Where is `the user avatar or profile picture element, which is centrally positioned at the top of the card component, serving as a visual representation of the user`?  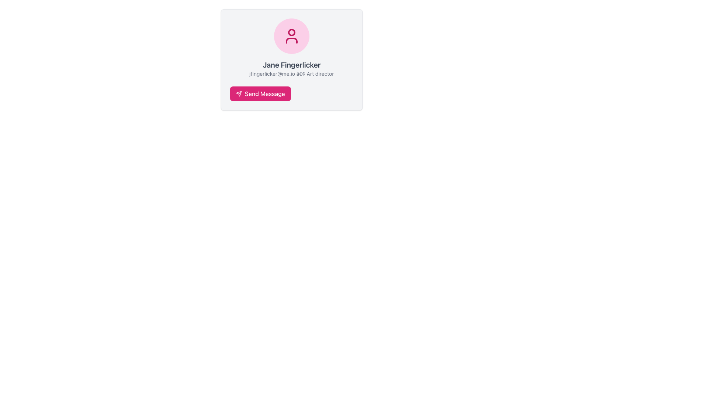
the user avatar or profile picture element, which is centrally positioned at the top of the card component, serving as a visual representation of the user is located at coordinates (291, 36).